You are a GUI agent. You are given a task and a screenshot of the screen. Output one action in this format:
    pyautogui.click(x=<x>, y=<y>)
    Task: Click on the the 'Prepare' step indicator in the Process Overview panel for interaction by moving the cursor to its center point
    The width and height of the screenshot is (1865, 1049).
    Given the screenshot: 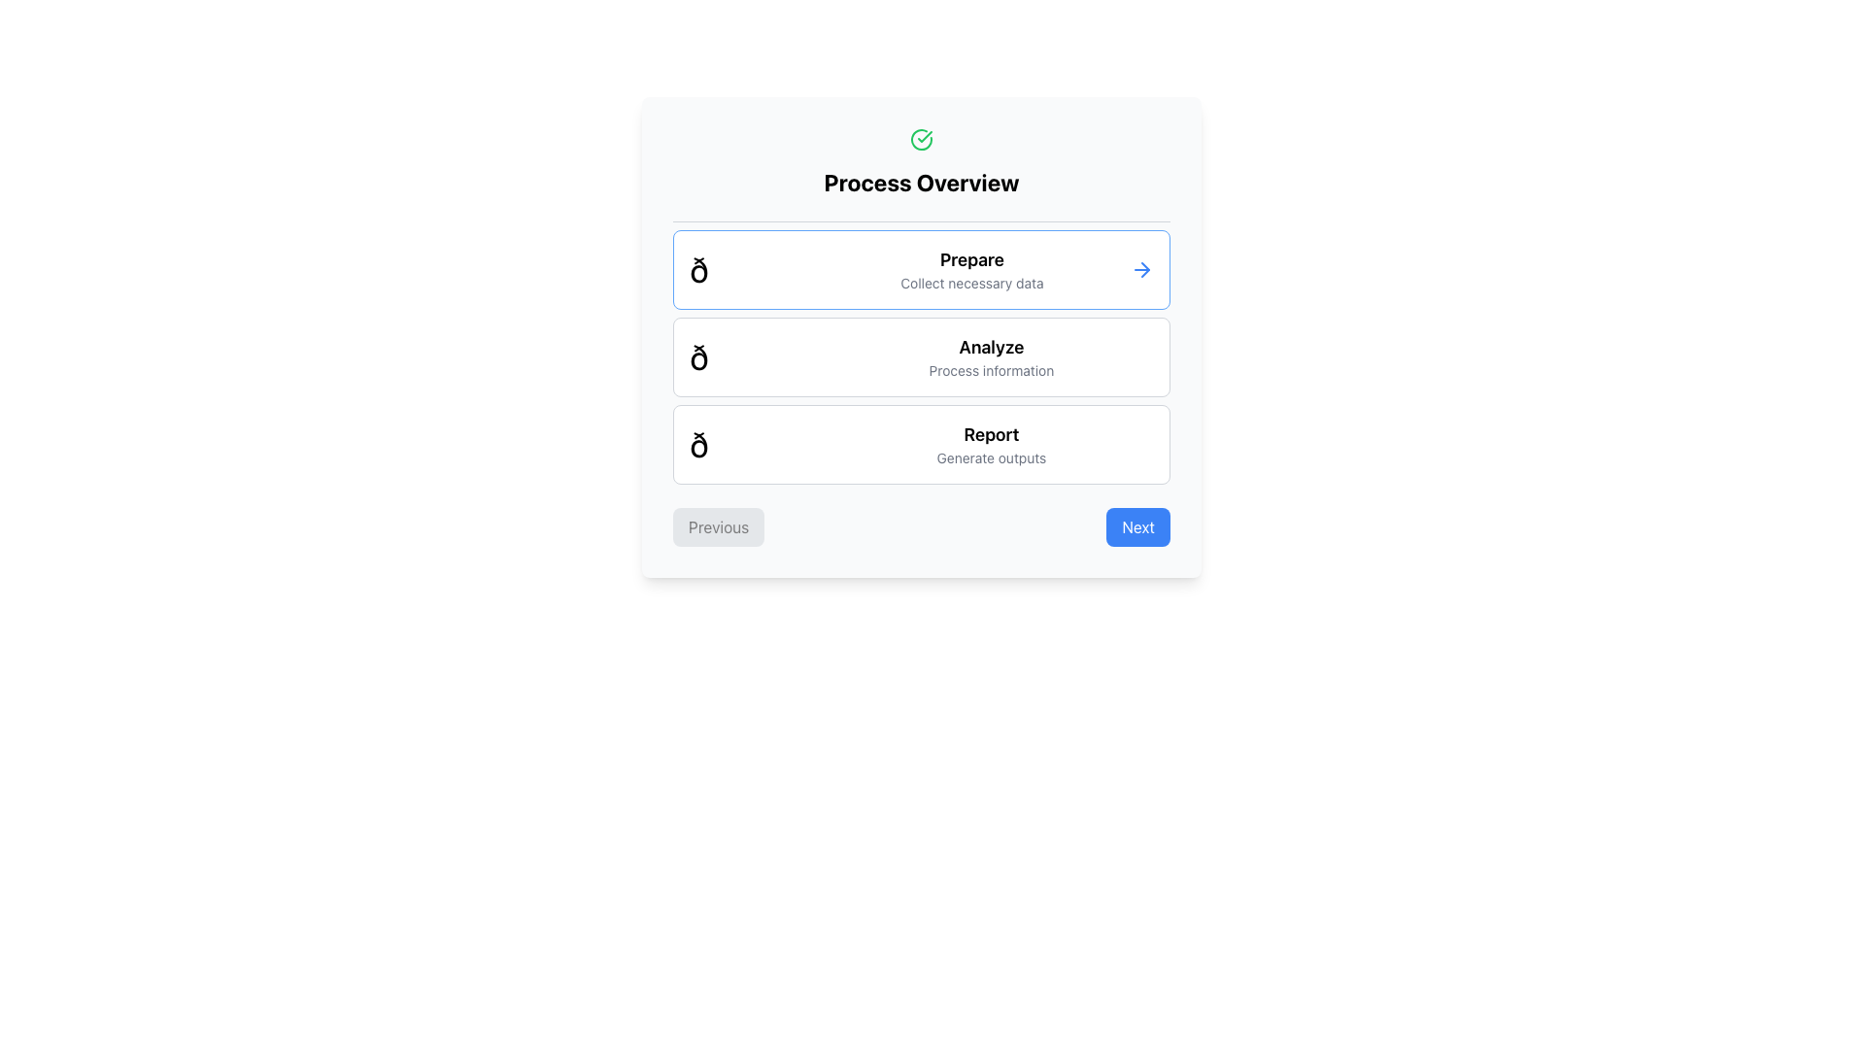 What is the action you would take?
    pyautogui.click(x=921, y=269)
    